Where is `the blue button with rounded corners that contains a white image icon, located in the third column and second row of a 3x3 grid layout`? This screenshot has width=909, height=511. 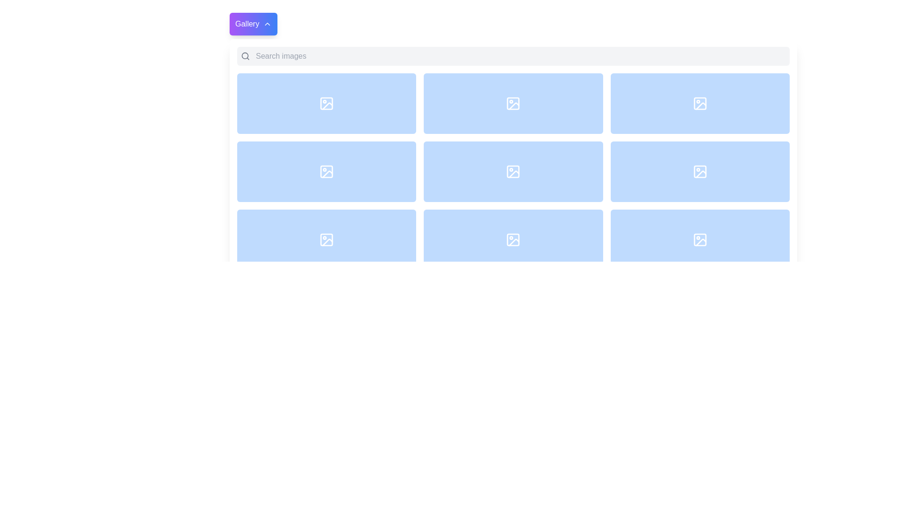
the blue button with rounded corners that contains a white image icon, located in the third column and second row of a 3x3 grid layout is located at coordinates (700, 171).